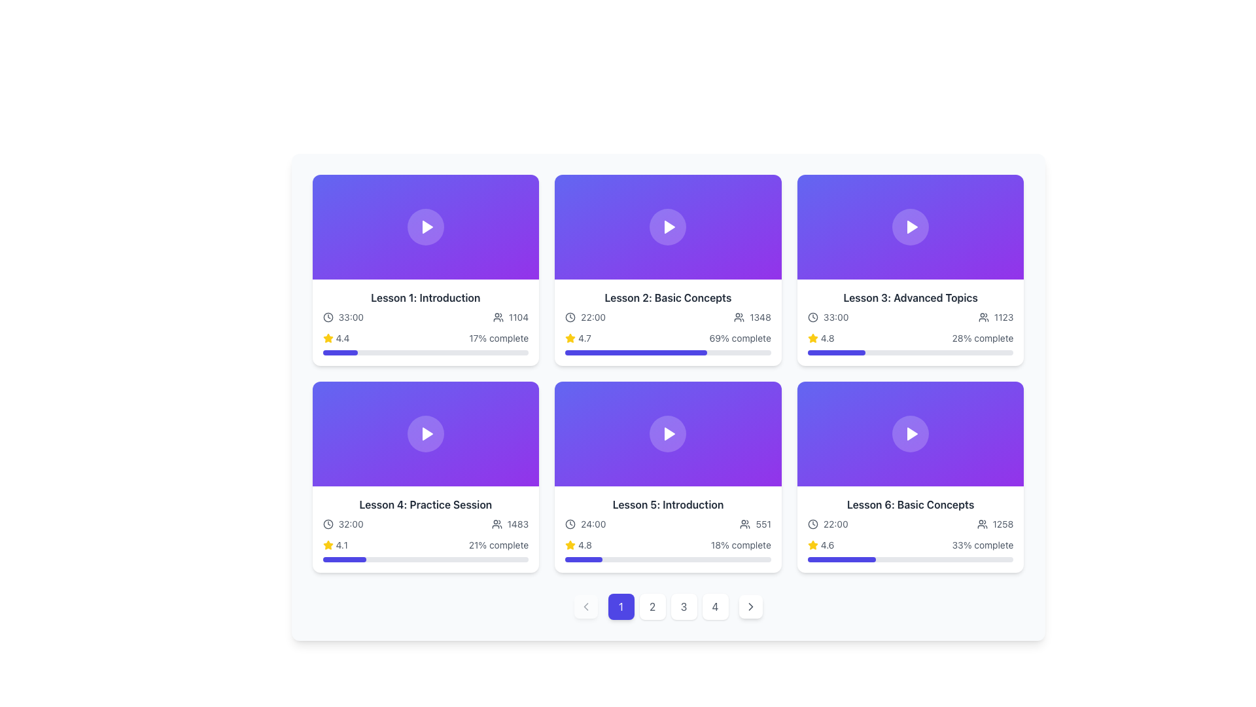 This screenshot has height=707, width=1256. What do you see at coordinates (425, 504) in the screenshot?
I see `the text label that reads 'Lesson 4: Practice Session', which is displayed in bold black font at the top of the fourth card in the second row of the lesson grid` at bounding box center [425, 504].